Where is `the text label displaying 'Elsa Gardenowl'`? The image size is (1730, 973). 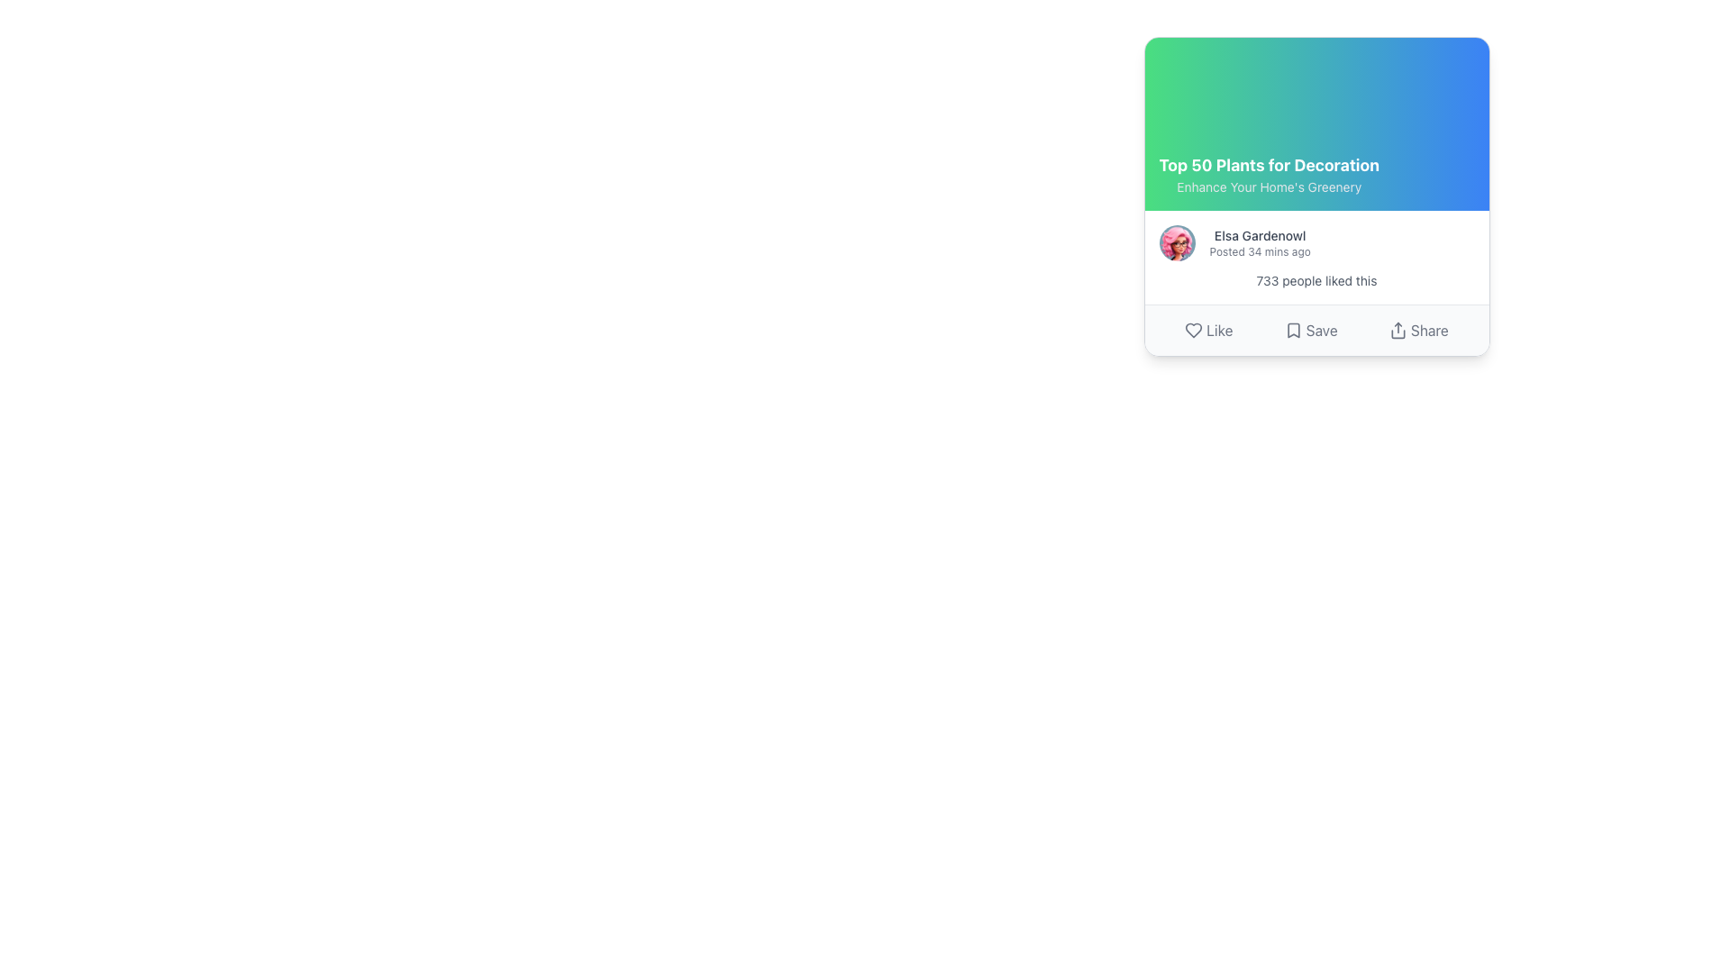
the text label displaying 'Elsa Gardenowl' is located at coordinates (1259, 235).